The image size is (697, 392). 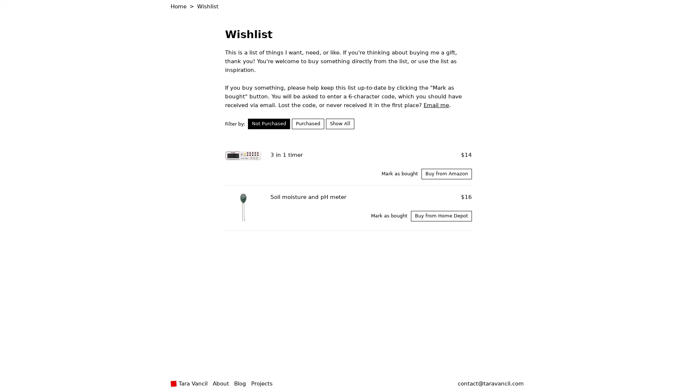 What do you see at coordinates (268, 123) in the screenshot?
I see `Not Purchased` at bounding box center [268, 123].